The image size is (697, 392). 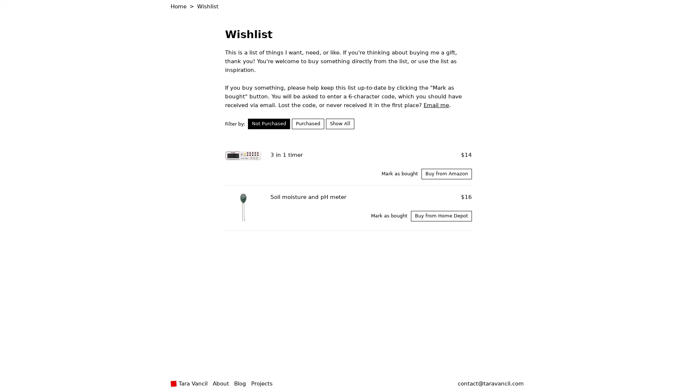 What do you see at coordinates (268, 123) in the screenshot?
I see `Not Purchased` at bounding box center [268, 123].